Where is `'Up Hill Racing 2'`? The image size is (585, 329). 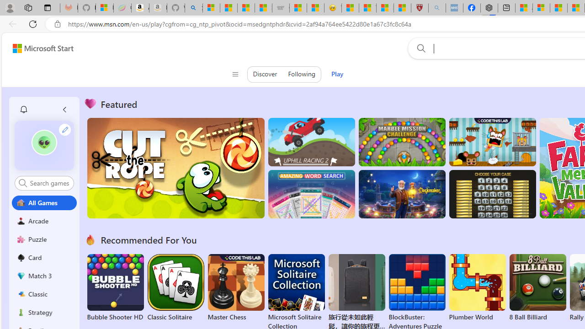
'Up Hill Racing 2' is located at coordinates (311, 142).